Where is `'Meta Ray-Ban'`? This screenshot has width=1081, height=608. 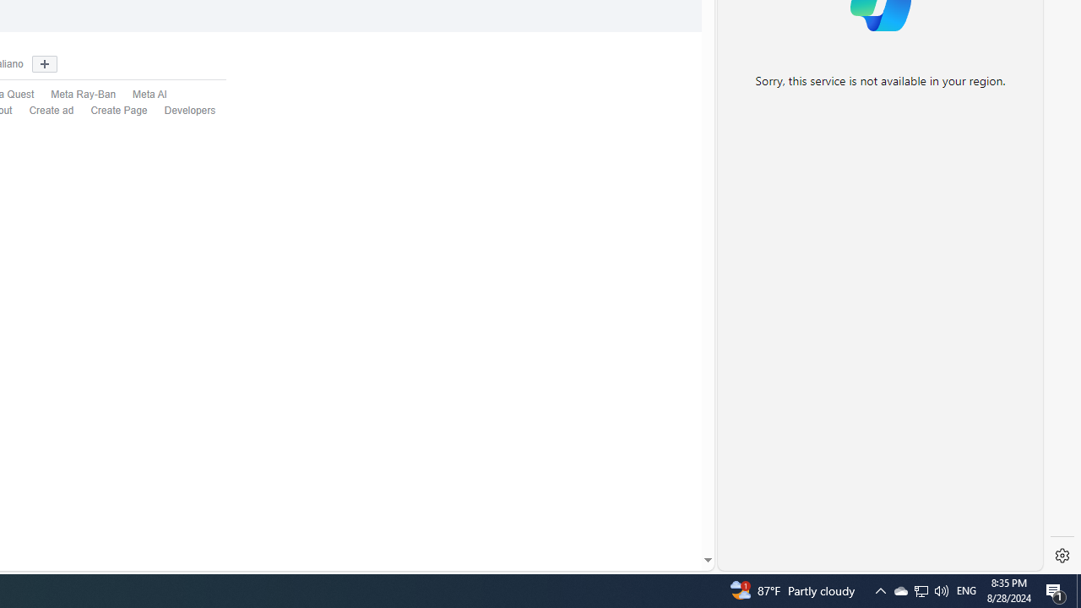
'Meta Ray-Ban' is located at coordinates (83, 95).